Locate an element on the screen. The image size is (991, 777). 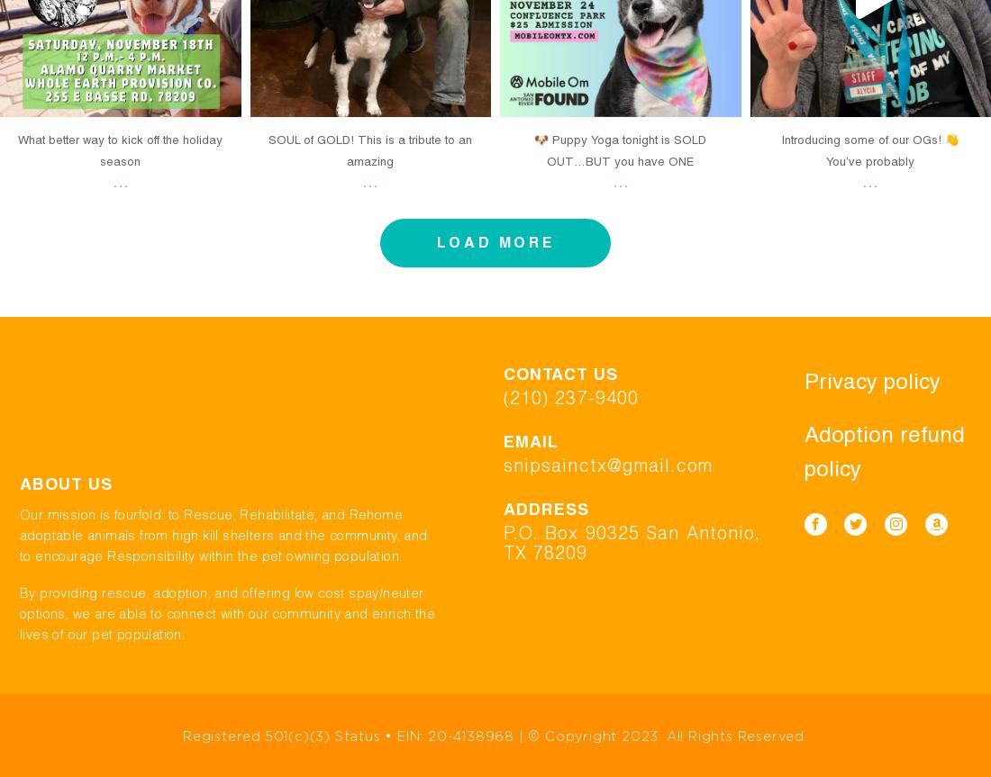
'Load More' is located at coordinates (495, 241).